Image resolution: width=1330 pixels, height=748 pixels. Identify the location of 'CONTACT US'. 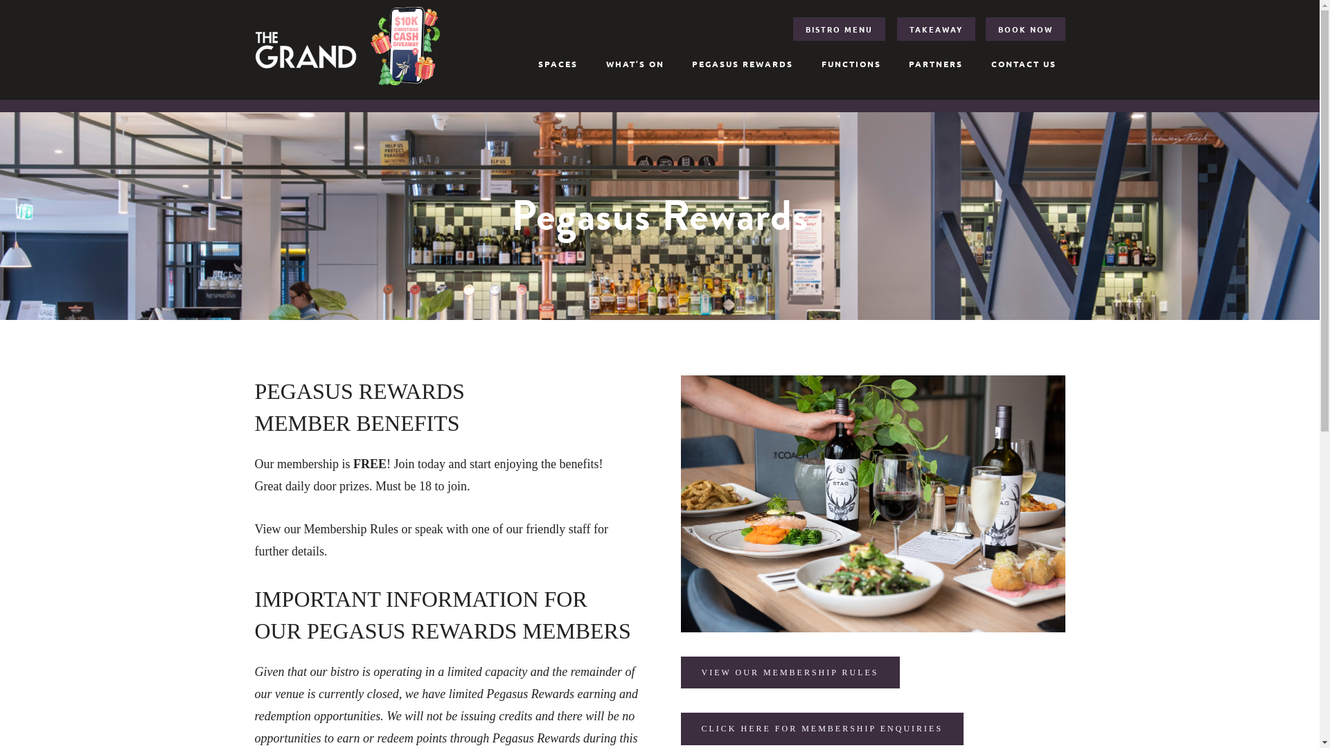
(1024, 64).